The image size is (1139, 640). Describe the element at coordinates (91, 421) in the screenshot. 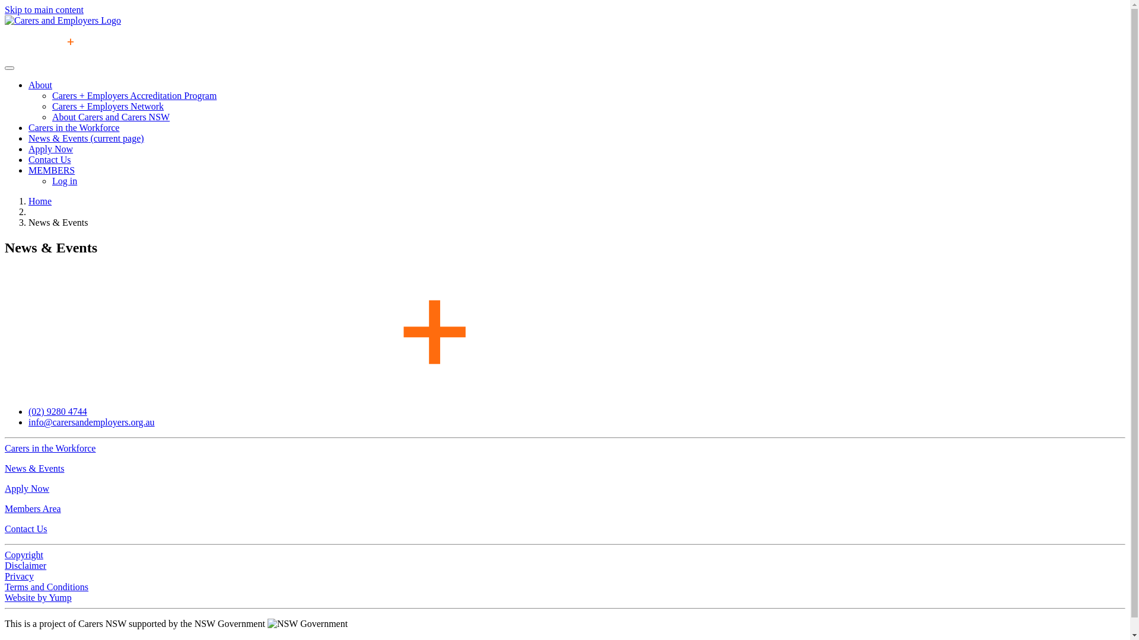

I see `'info@carersandemployers.org.au'` at that location.